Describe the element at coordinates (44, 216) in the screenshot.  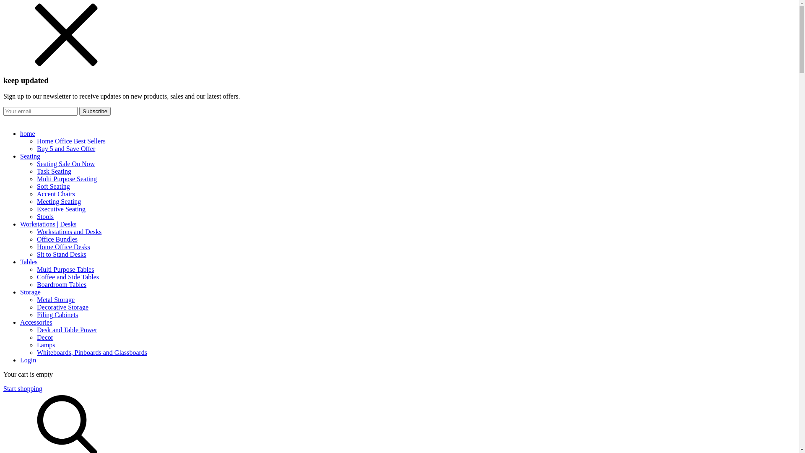
I see `'Stools'` at that location.